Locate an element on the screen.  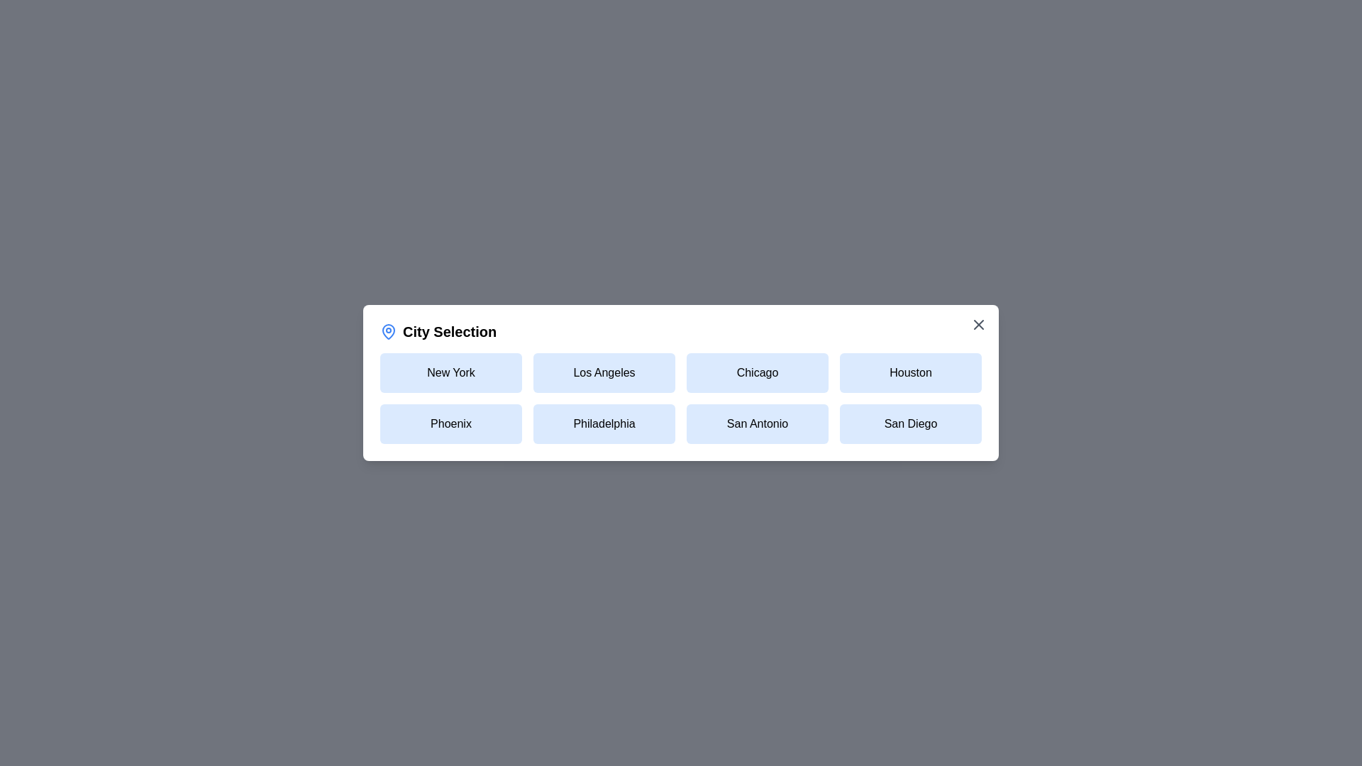
the city Philadelphia by clicking on its button is located at coordinates (604, 423).